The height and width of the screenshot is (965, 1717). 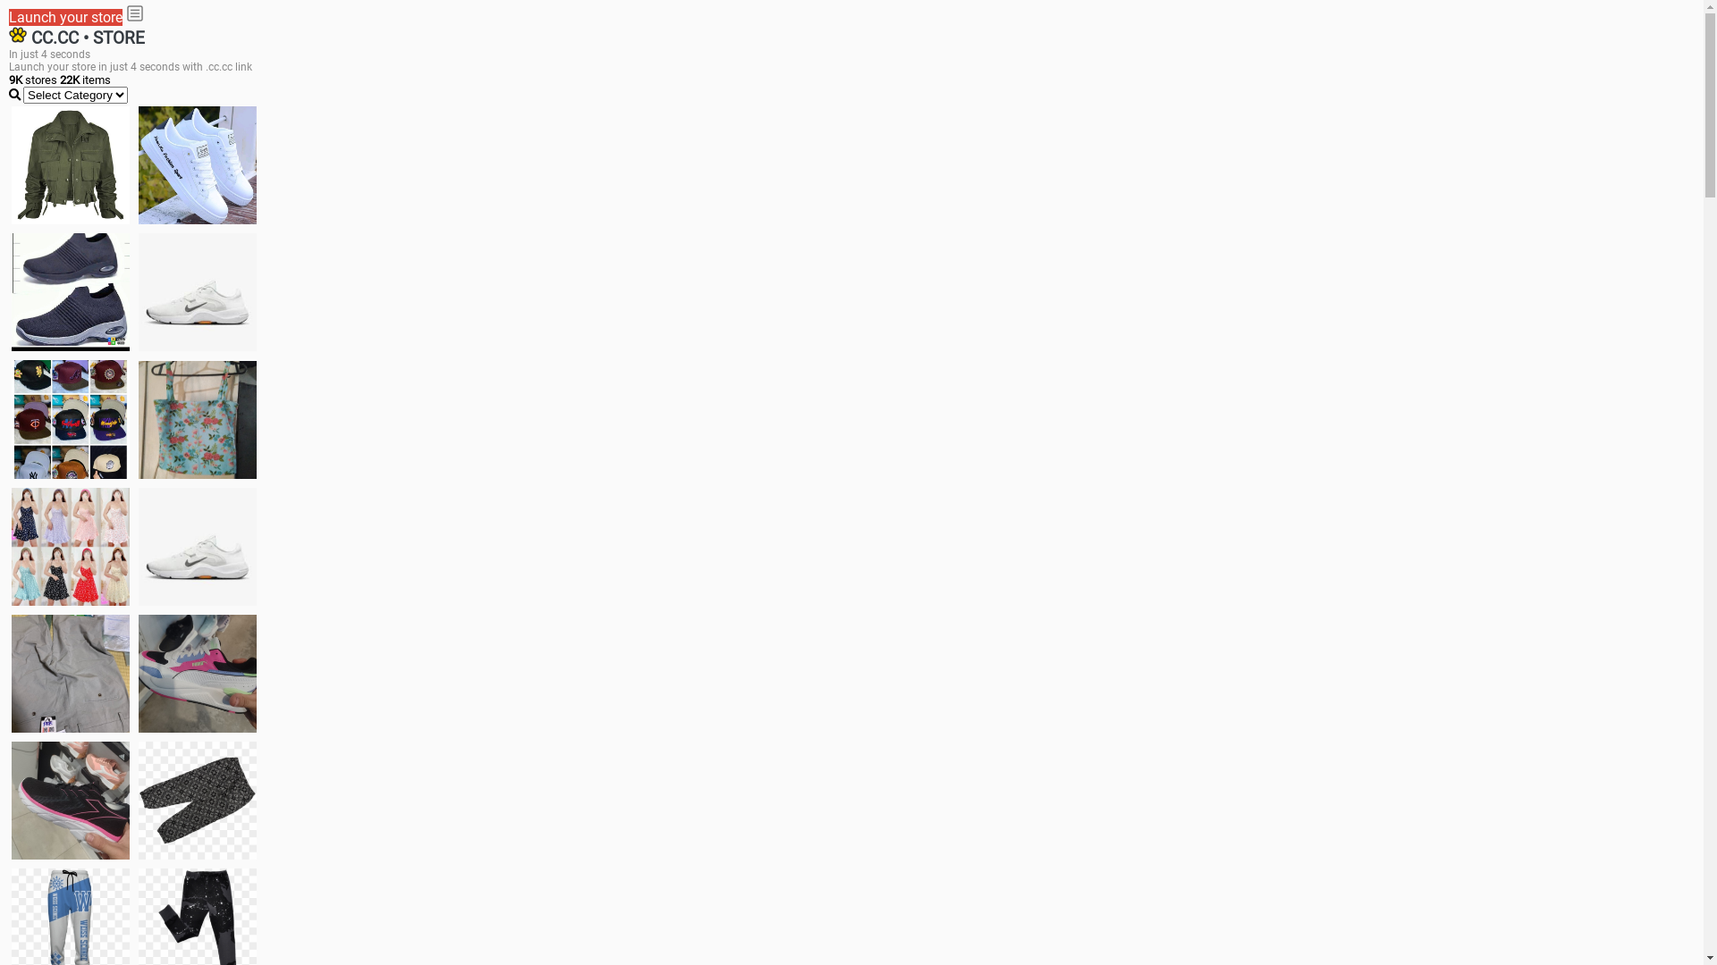 I want to click on 'jacket', so click(x=70, y=165).